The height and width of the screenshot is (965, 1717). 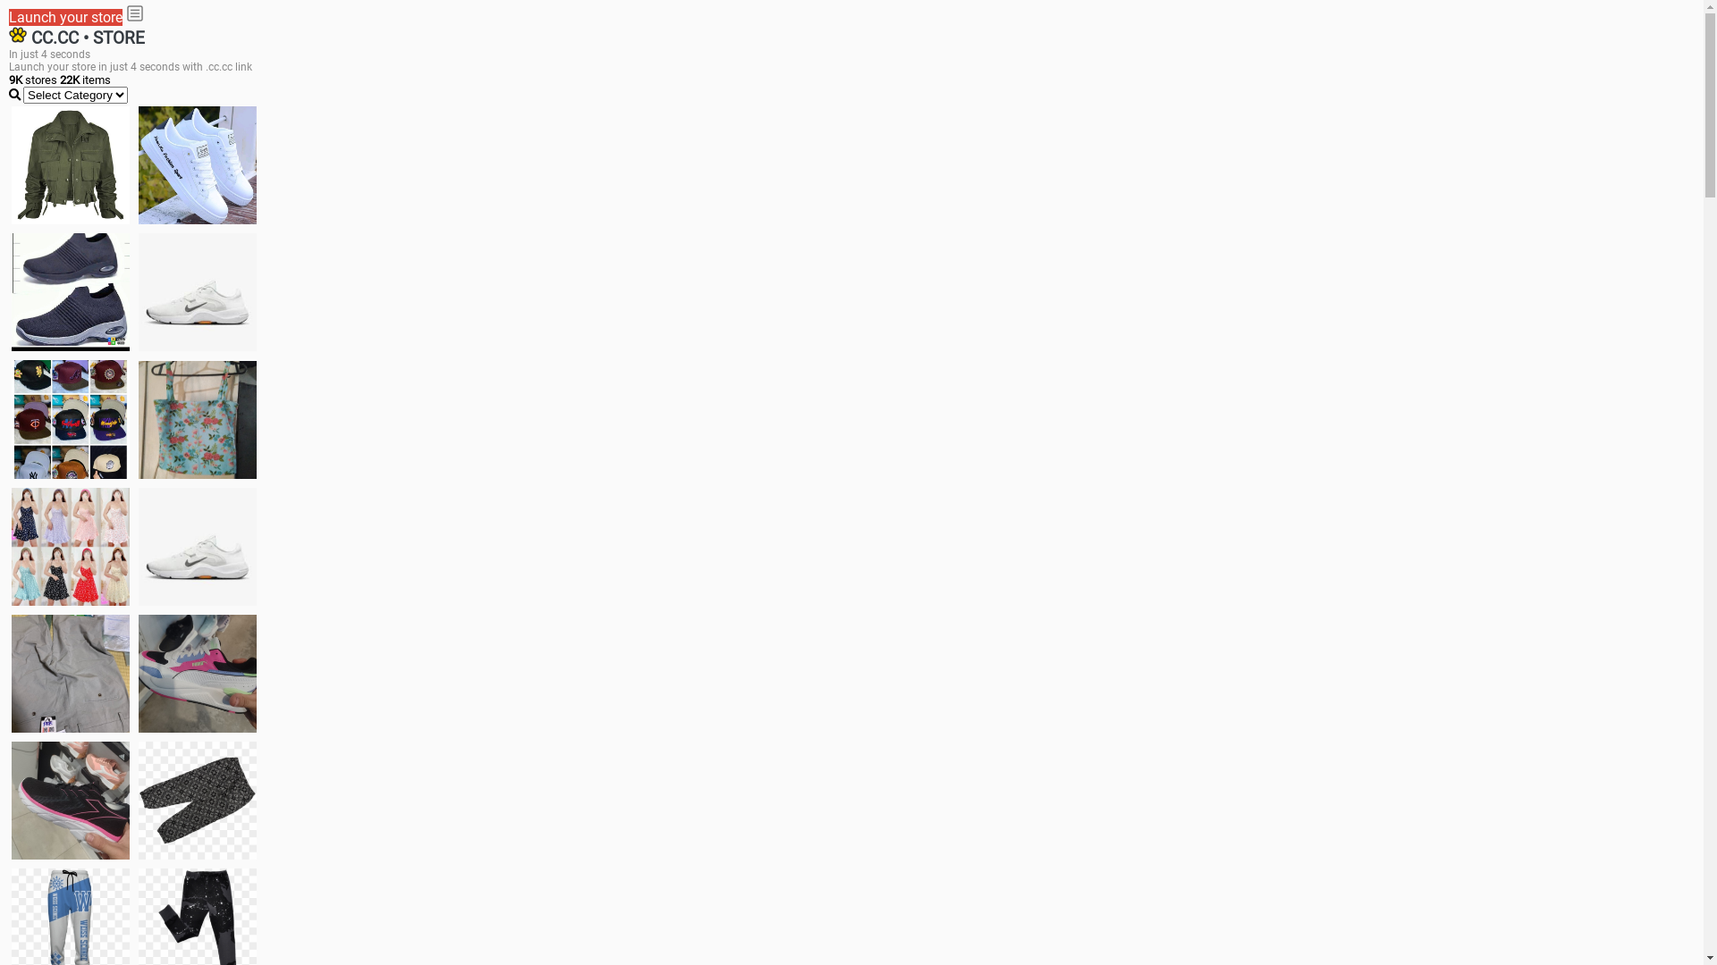 I want to click on 'jacket', so click(x=70, y=165).